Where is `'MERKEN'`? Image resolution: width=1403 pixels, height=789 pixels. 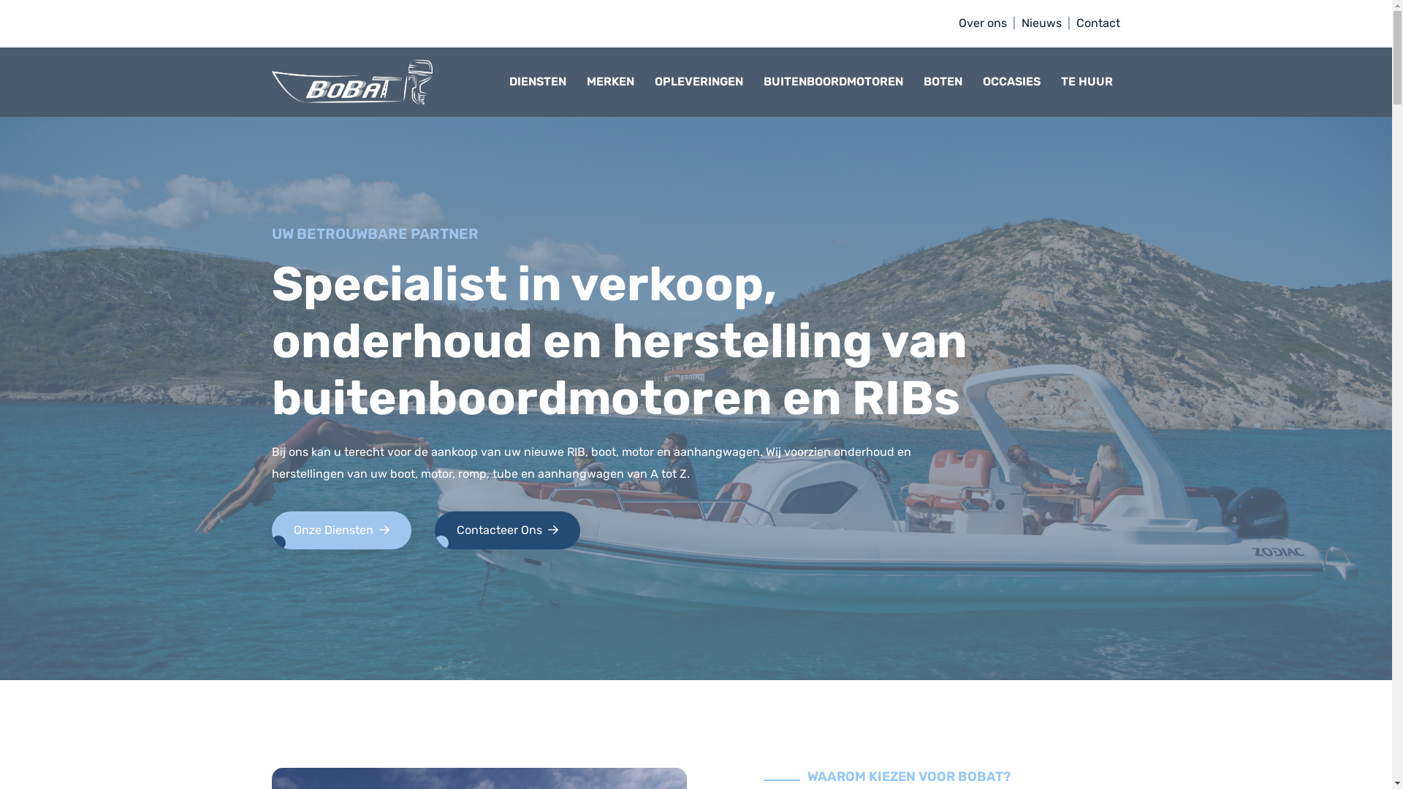 'MERKEN' is located at coordinates (614, 82).